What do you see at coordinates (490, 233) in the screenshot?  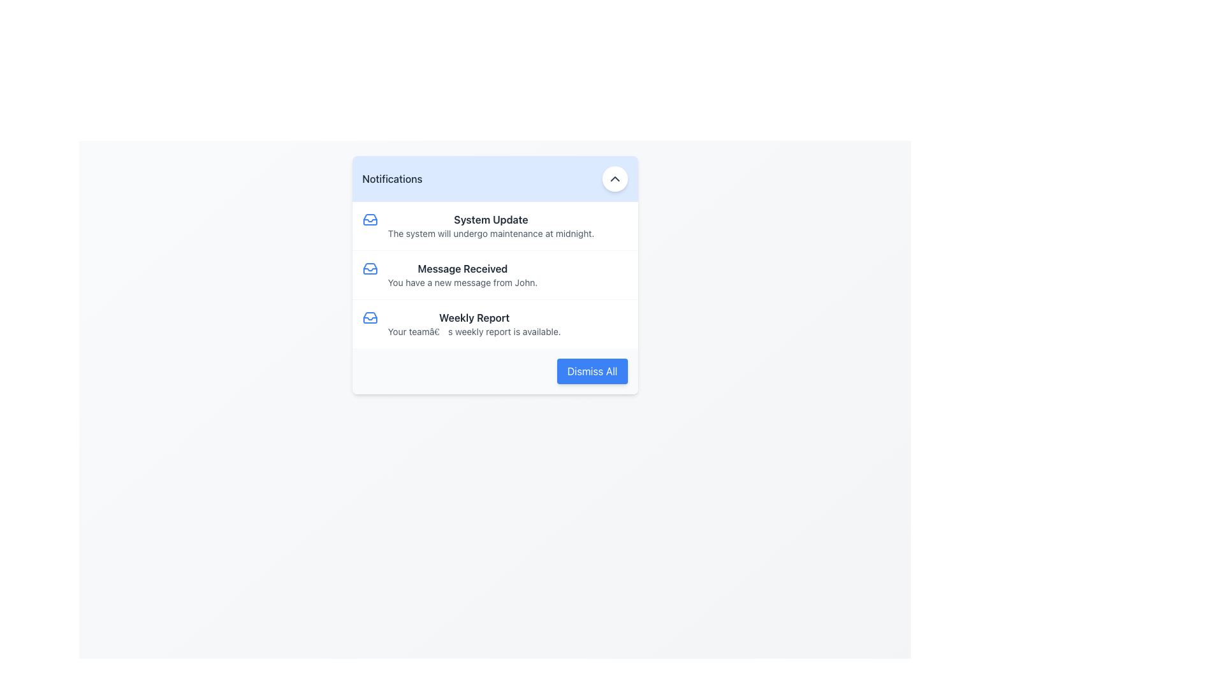 I see `information provided in the notification text below the title 'System Update', which details an upcoming scheduled maintenance event` at bounding box center [490, 233].